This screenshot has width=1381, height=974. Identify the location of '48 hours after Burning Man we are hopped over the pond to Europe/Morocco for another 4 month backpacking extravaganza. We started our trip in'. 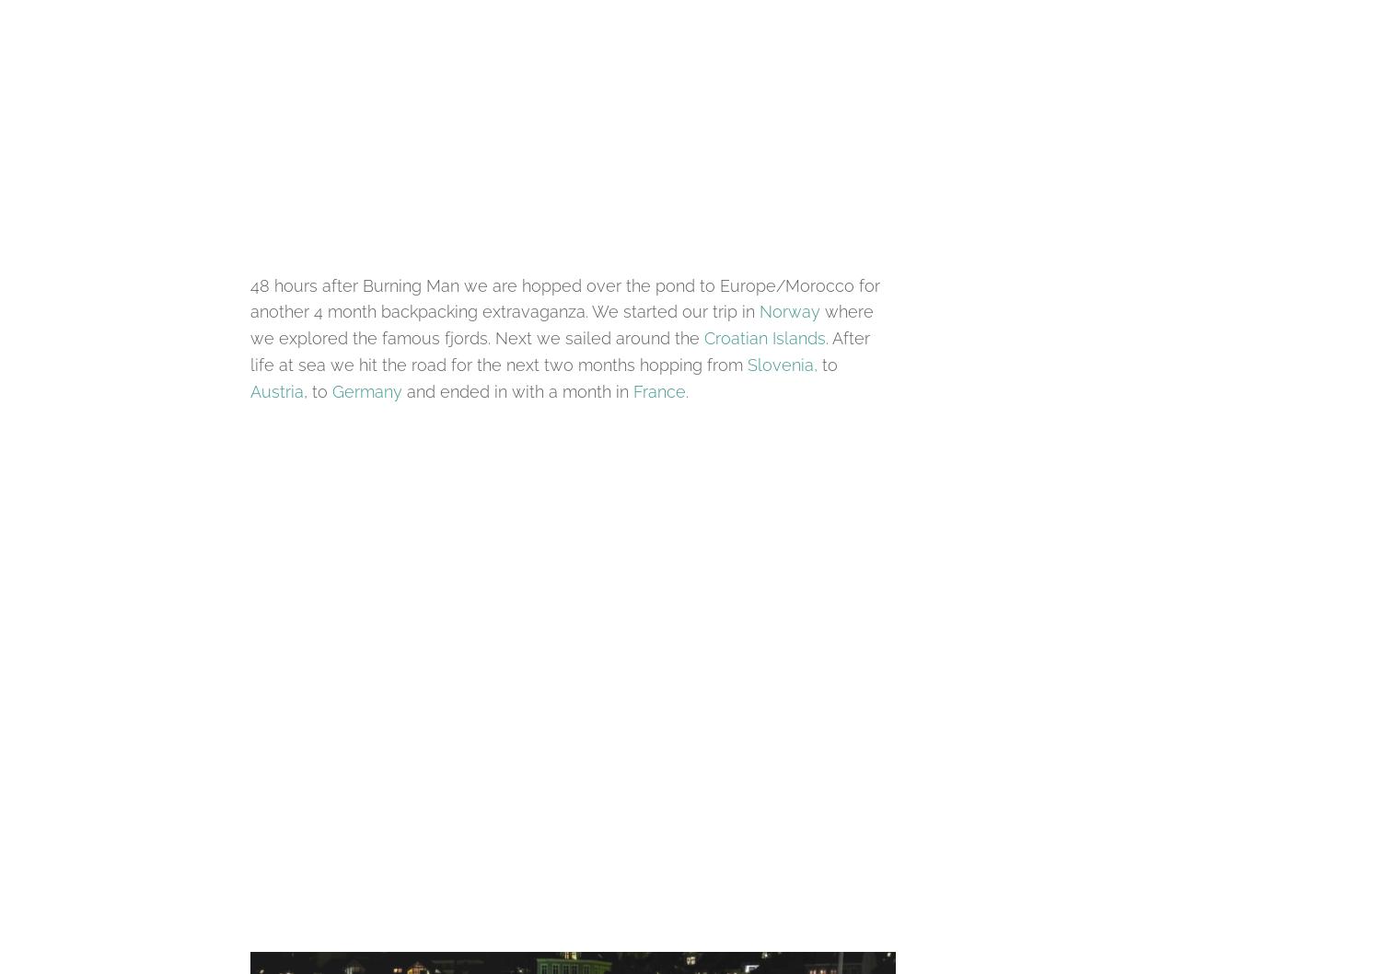
(250, 296).